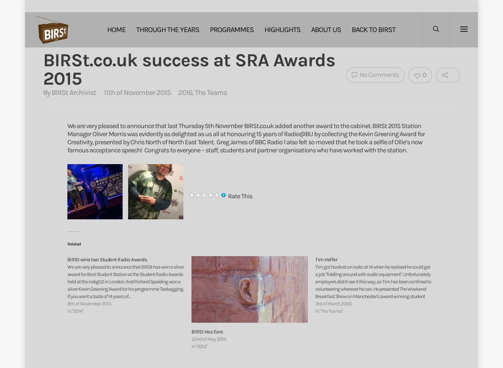 The image size is (503, 368). What do you see at coordinates (193, 92) in the screenshot?
I see `','` at bounding box center [193, 92].